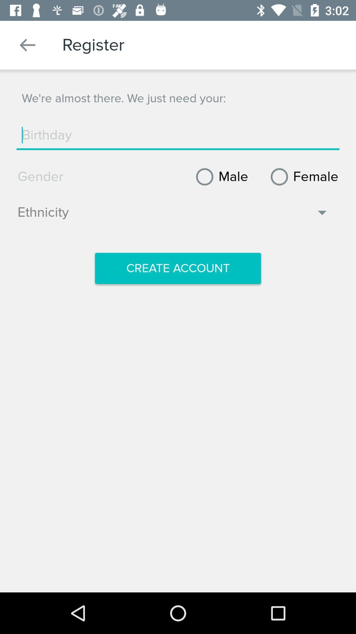 Image resolution: width=356 pixels, height=634 pixels. What do you see at coordinates (302, 177) in the screenshot?
I see `female icon` at bounding box center [302, 177].